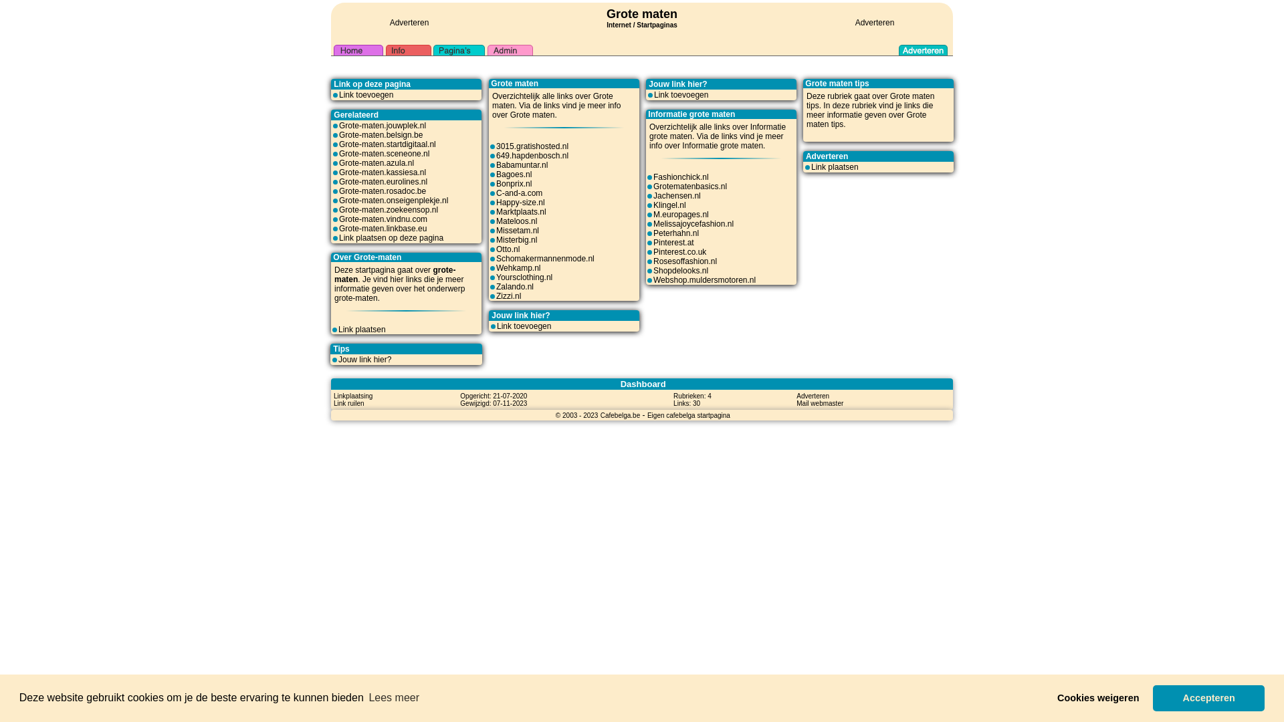  Describe the element at coordinates (496, 154) in the screenshot. I see `'649.hapdenbosch.nl'` at that location.